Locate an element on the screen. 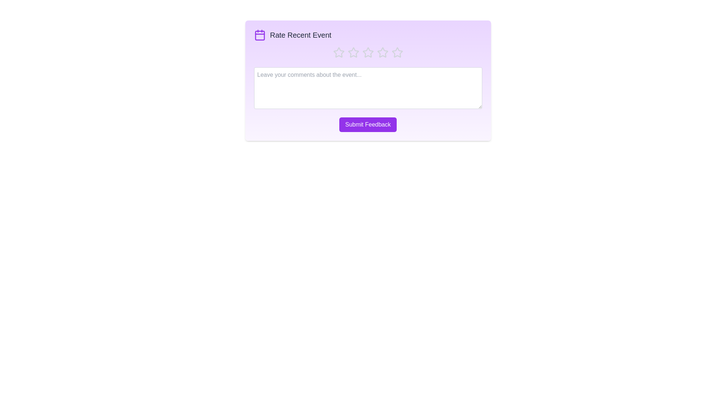  the text area and type the comment is located at coordinates (368, 87).